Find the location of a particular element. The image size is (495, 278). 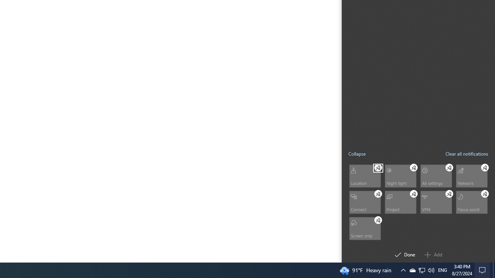

'Focus assist' is located at coordinates (471, 202).